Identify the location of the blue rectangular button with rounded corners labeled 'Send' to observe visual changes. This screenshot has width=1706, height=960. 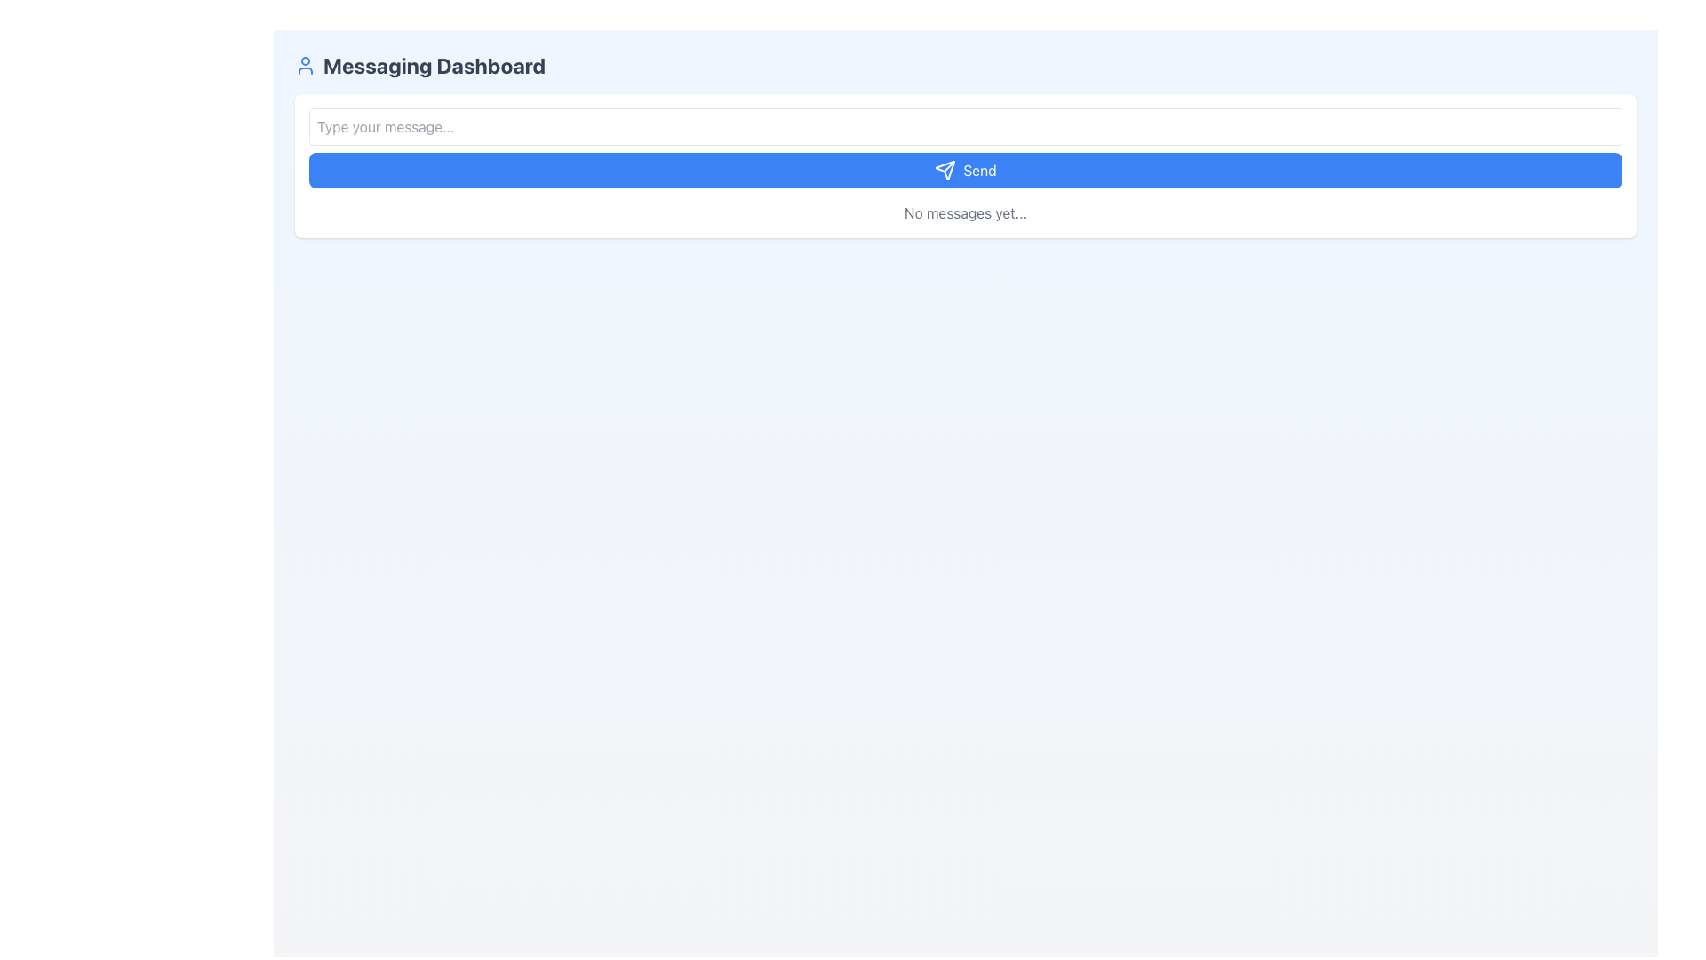
(964, 171).